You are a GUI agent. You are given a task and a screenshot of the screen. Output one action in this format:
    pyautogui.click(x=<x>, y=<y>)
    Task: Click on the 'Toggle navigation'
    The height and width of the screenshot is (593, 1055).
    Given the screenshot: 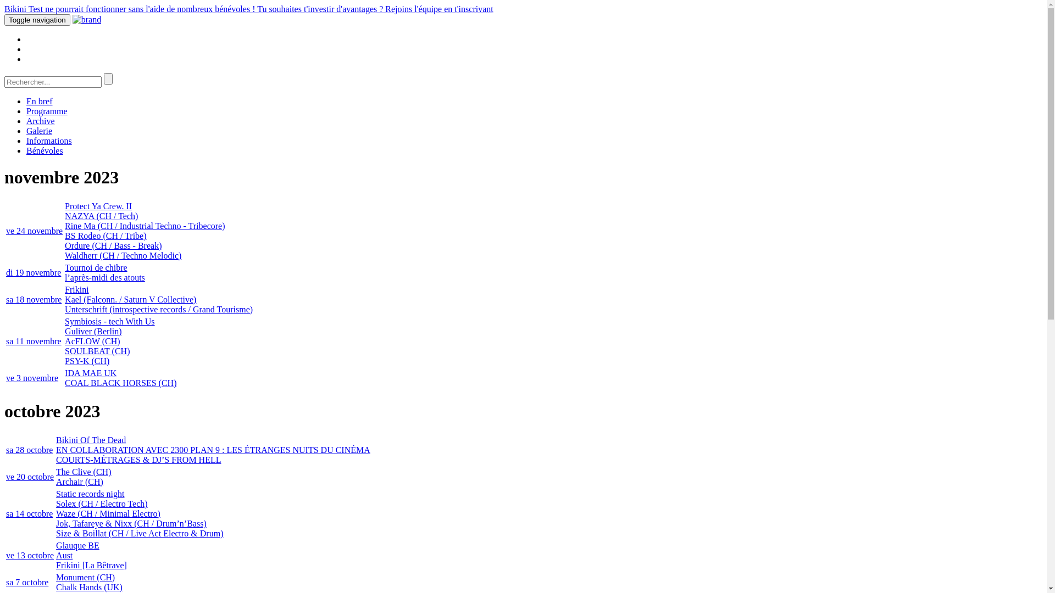 What is the action you would take?
    pyautogui.click(x=4, y=20)
    